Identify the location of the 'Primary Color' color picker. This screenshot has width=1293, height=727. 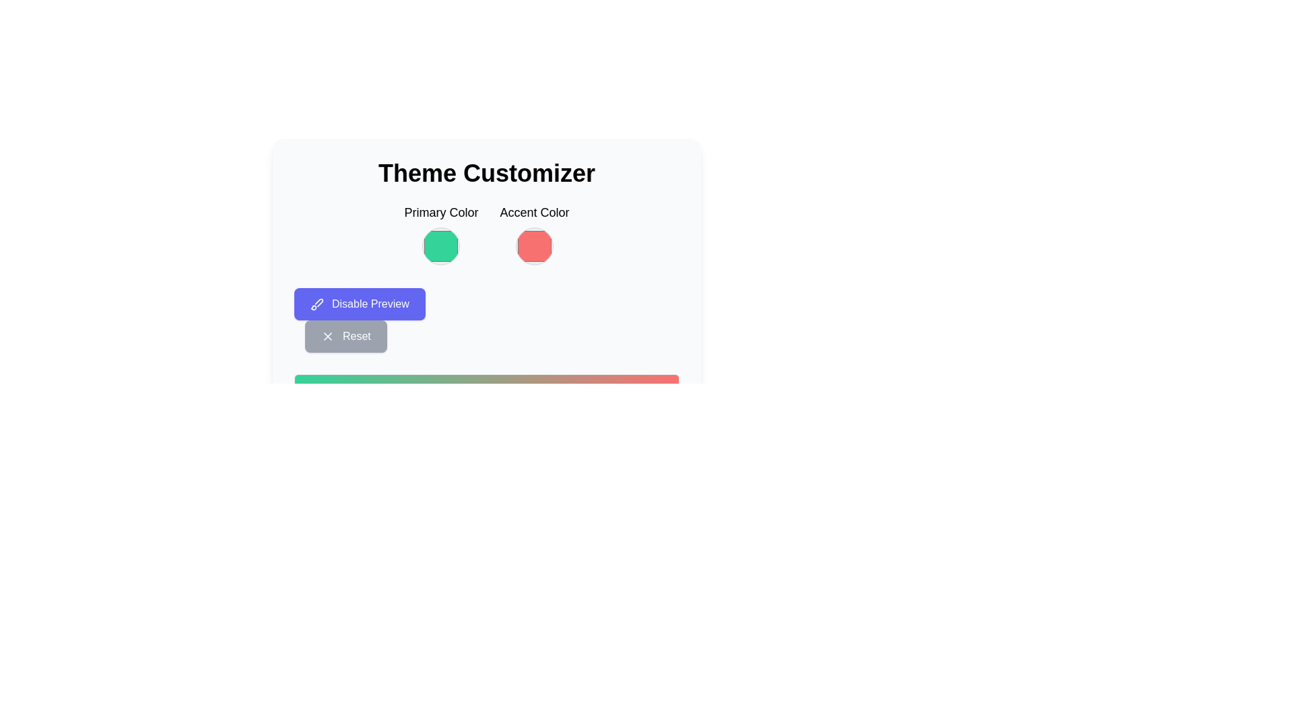
(441, 246).